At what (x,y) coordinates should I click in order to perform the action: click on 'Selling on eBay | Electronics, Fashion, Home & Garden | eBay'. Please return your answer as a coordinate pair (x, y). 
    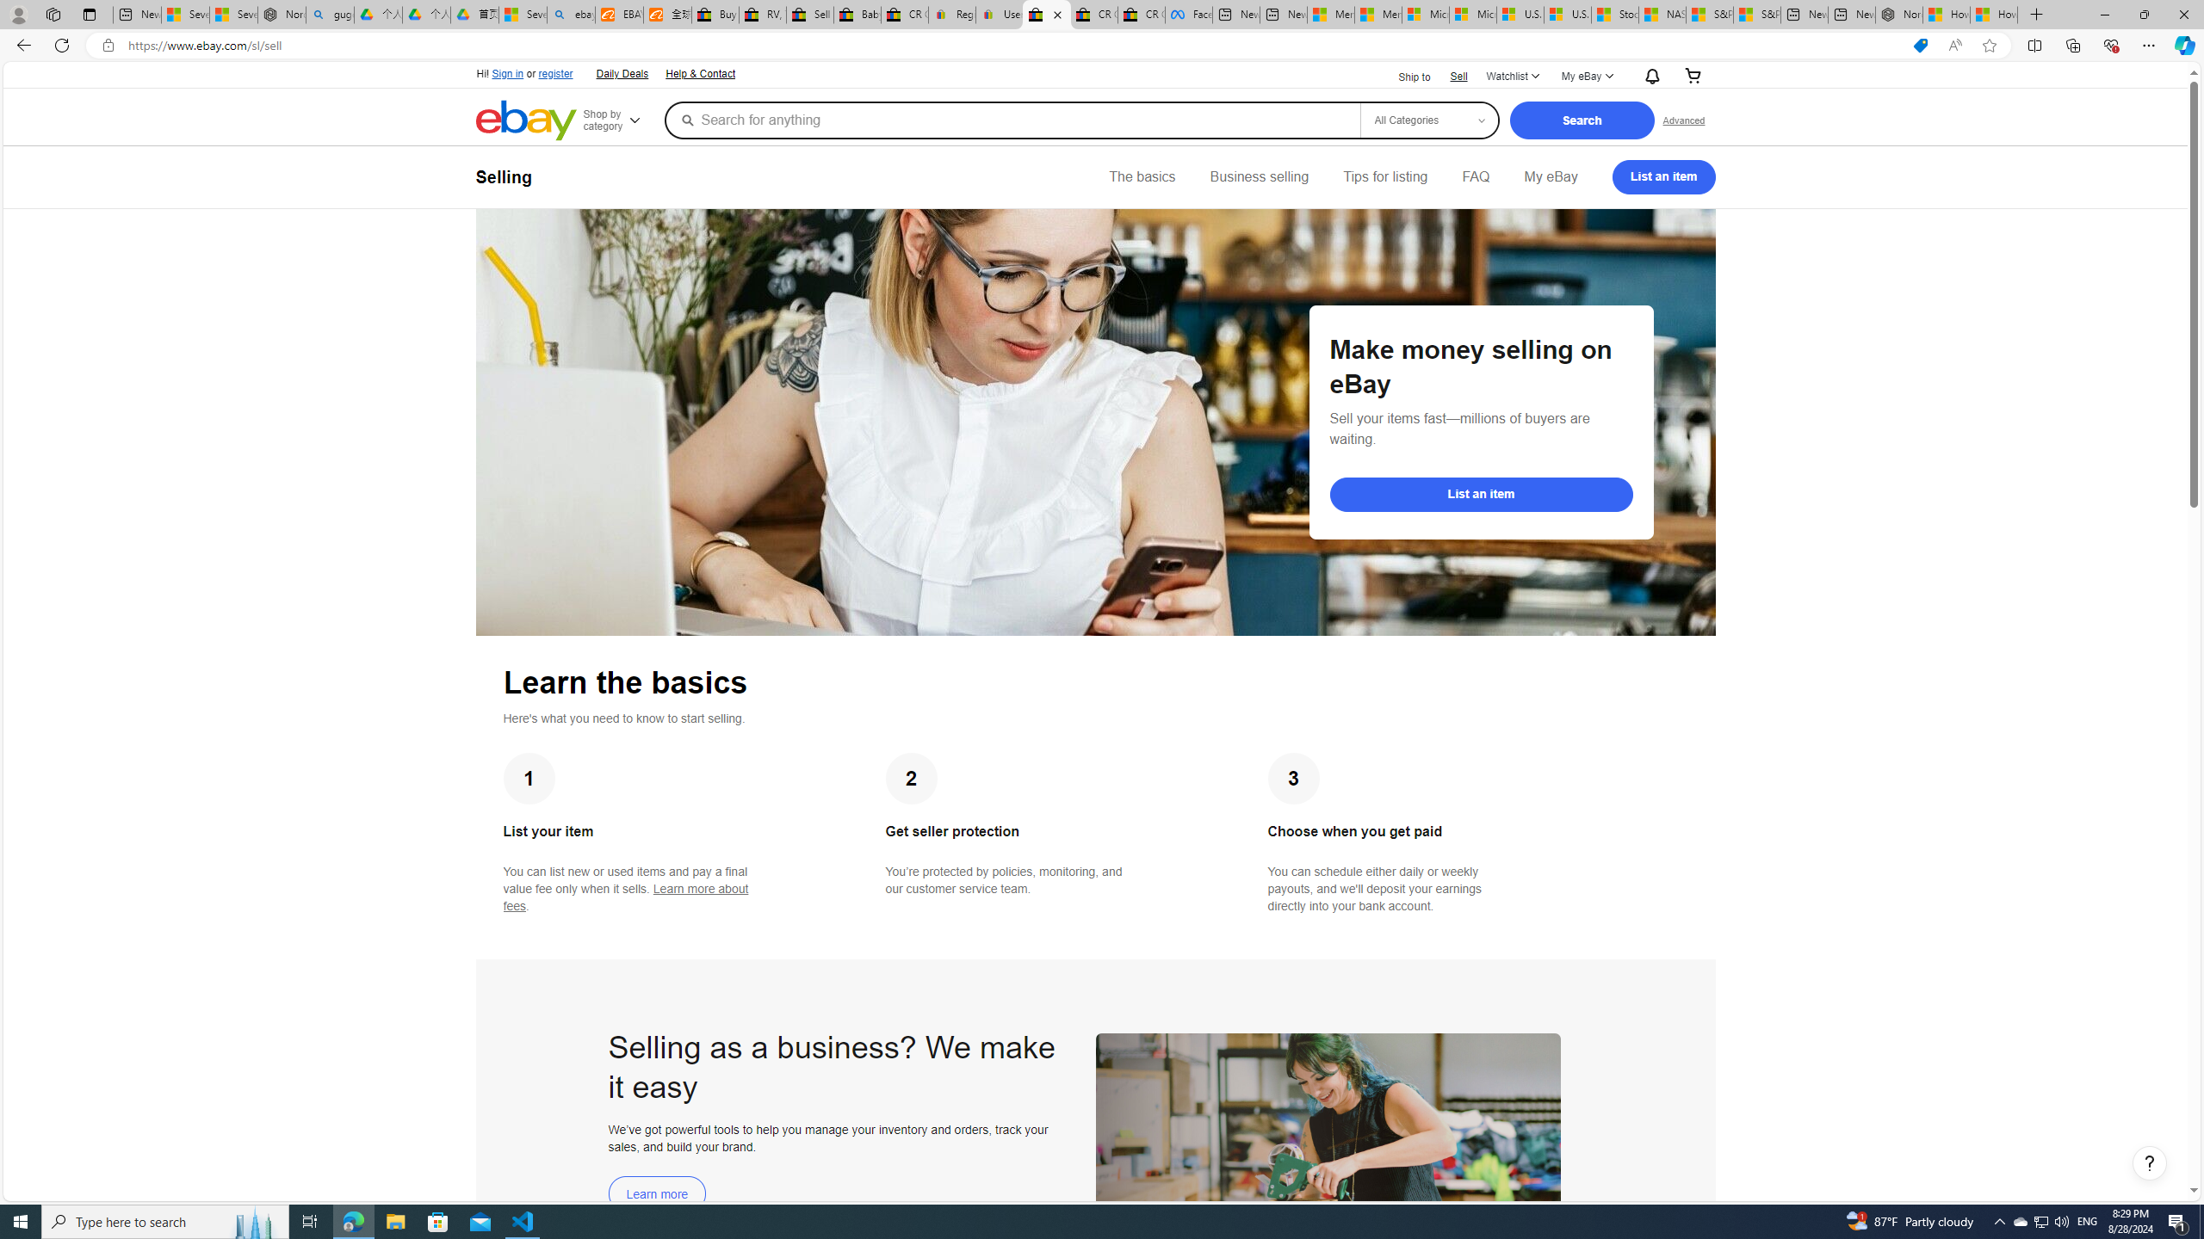
    Looking at the image, I should click on (1046, 14).